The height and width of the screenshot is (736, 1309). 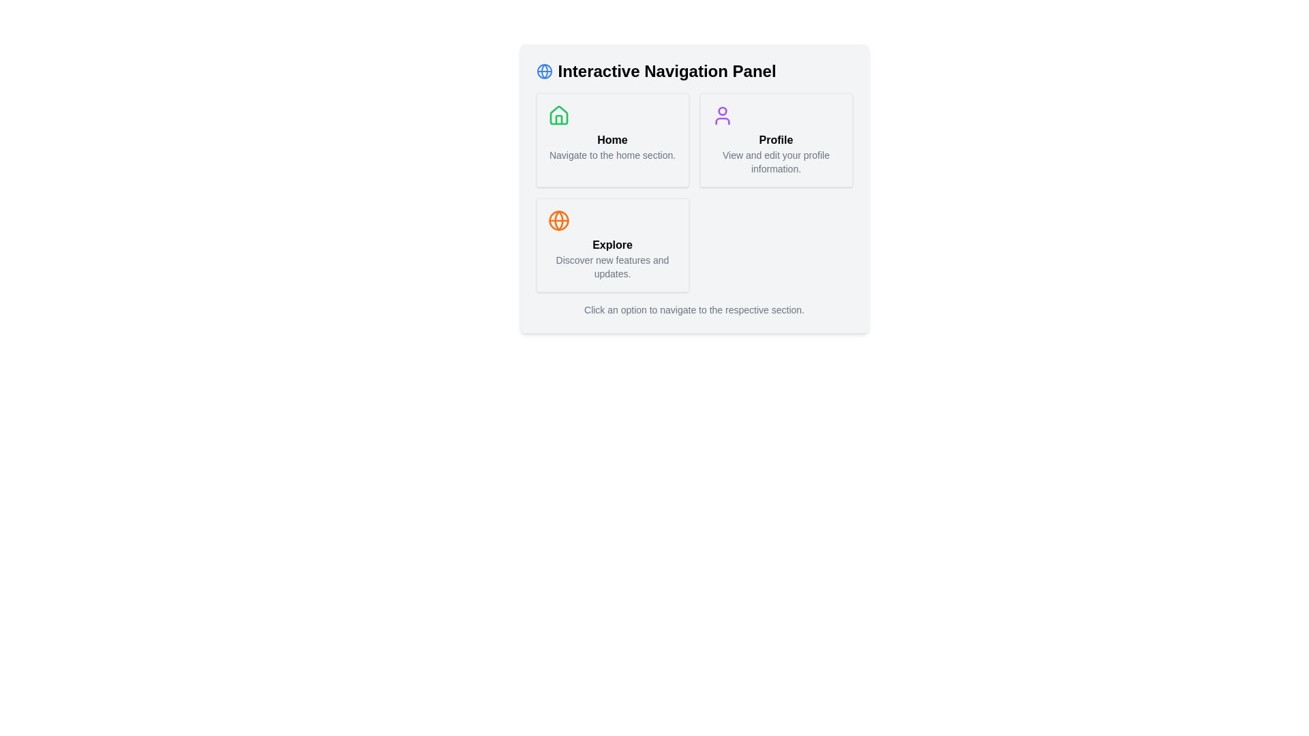 I want to click on the user profile icon, which is a minimalist human figure styled in purple, located at the top-center of the 'Profile' section box, so click(x=721, y=114).